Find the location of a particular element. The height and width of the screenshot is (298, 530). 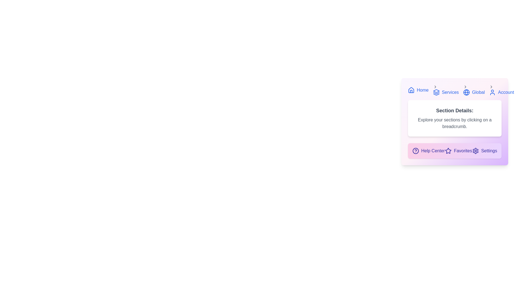

the globe icon located in the navigation bar is located at coordinates (466, 92).